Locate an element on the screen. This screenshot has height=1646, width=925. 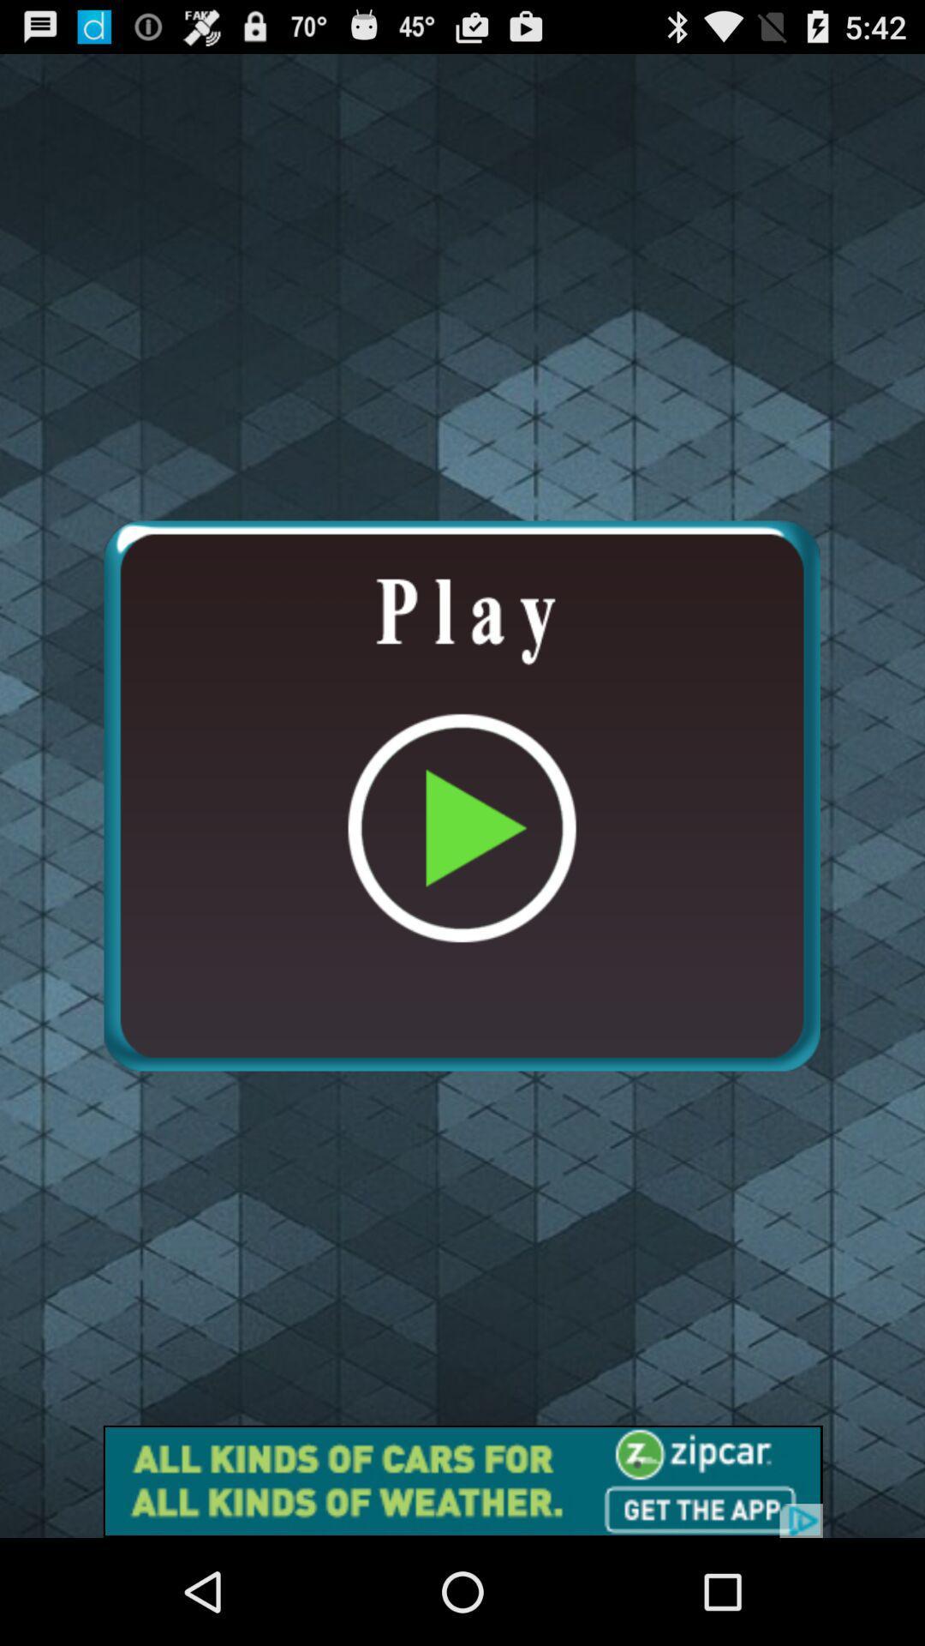
play is located at coordinates (461, 795).